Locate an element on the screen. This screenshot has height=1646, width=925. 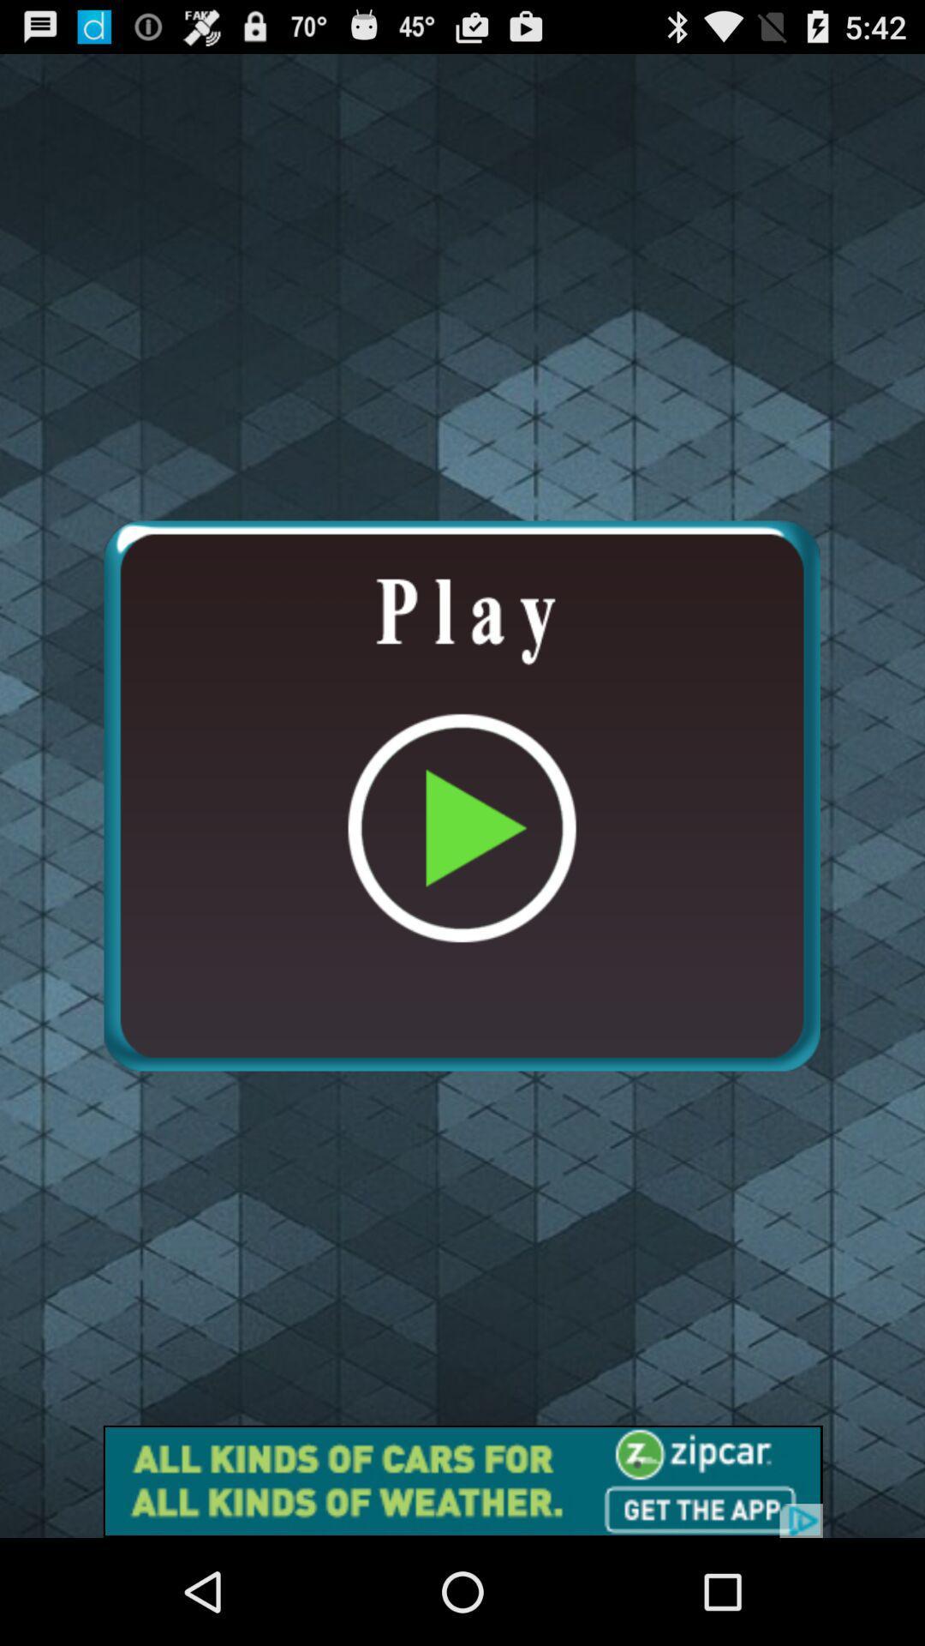
play is located at coordinates (461, 795).